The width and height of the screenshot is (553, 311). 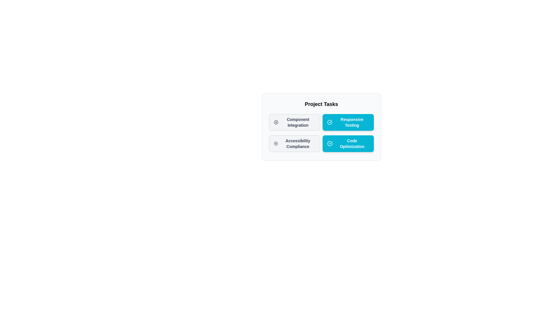 What do you see at coordinates (294, 122) in the screenshot?
I see `the chip labeled 'Component Integration' to select it` at bounding box center [294, 122].